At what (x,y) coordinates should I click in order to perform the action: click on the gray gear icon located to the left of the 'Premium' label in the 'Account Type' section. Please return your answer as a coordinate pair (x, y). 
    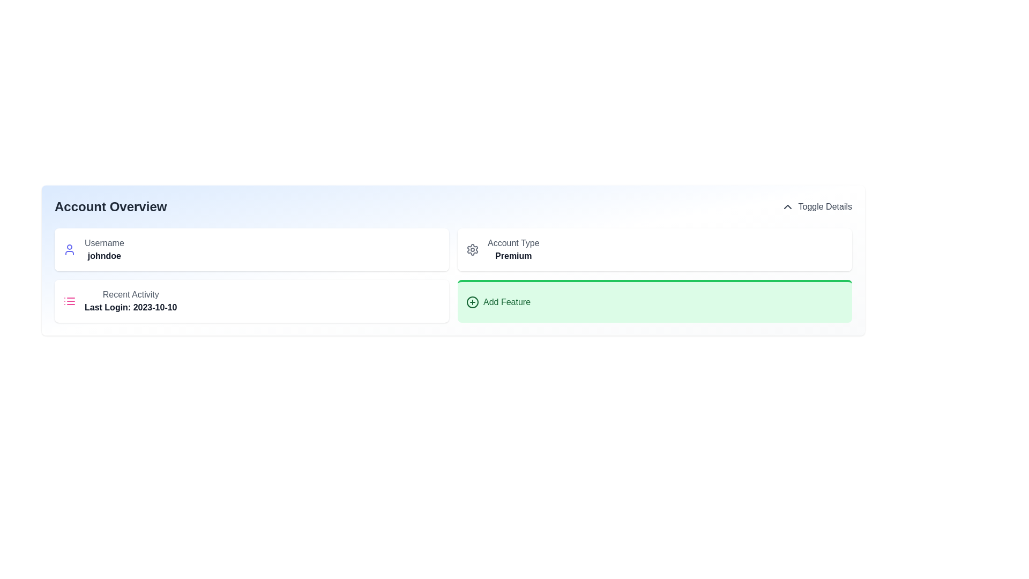
    Looking at the image, I should click on (472, 250).